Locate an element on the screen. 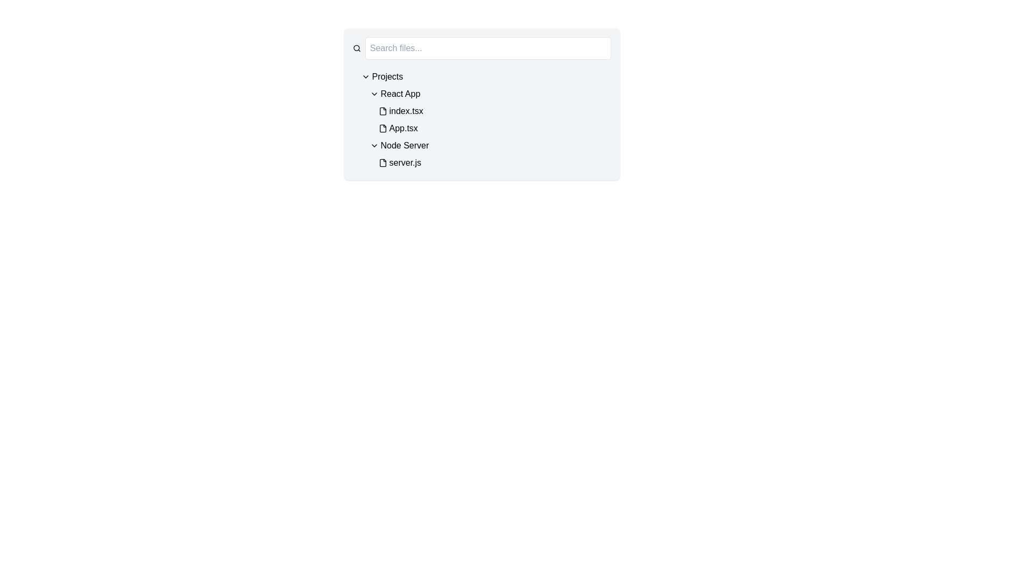 The height and width of the screenshot is (581, 1033). the Dropdown indicator (chevron icon) is located at coordinates (374, 93).